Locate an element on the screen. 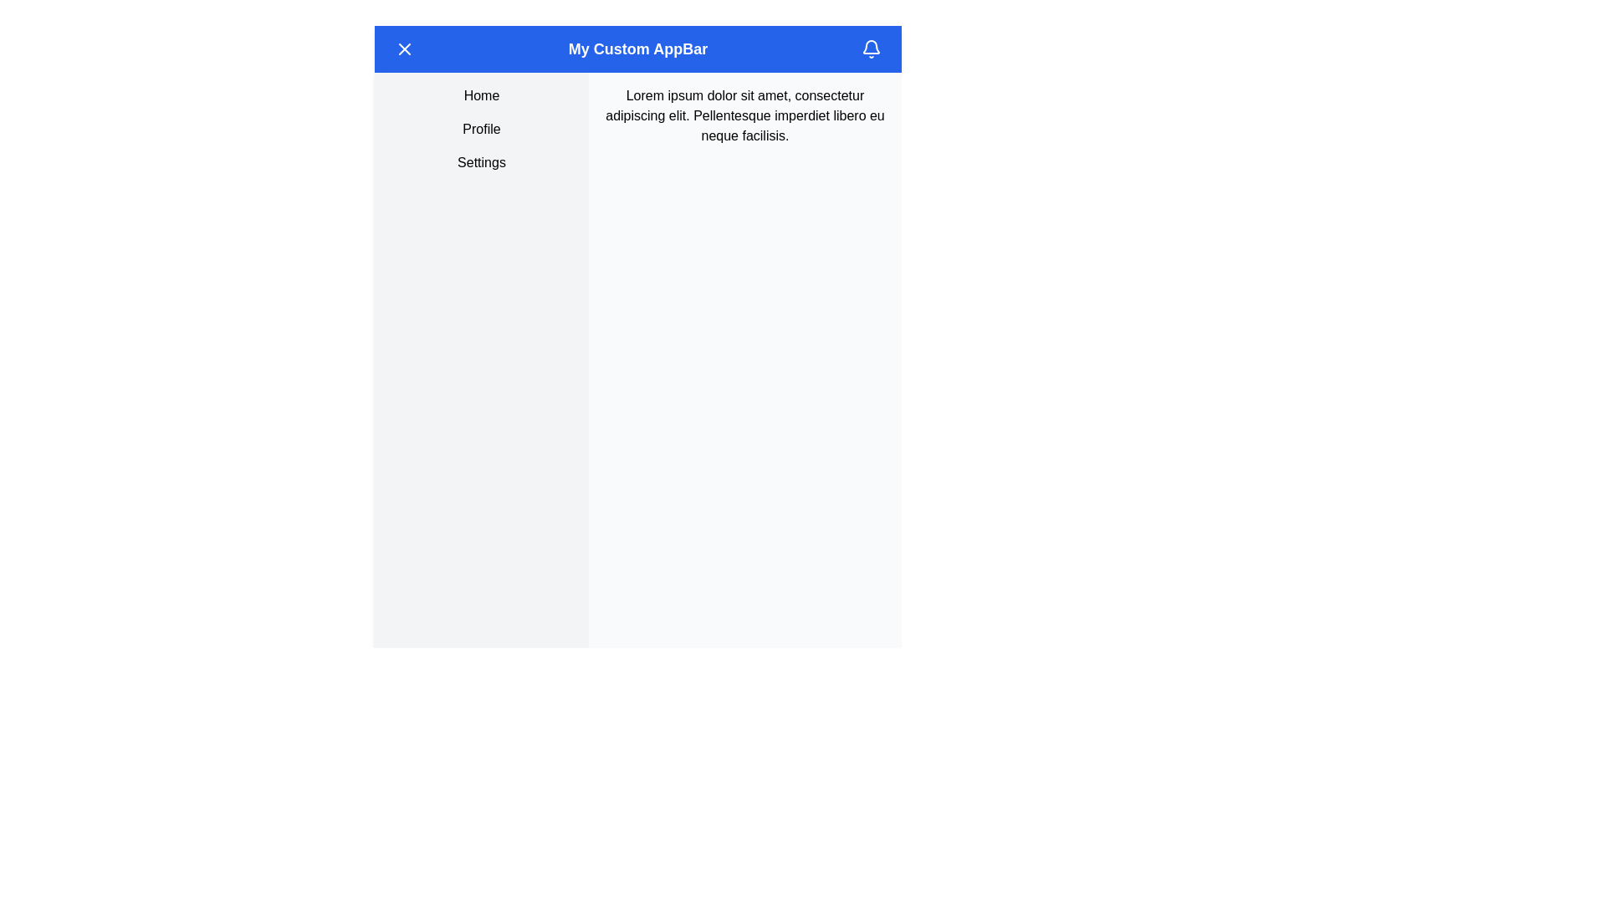 The image size is (1606, 903). the Static text block displaying 'Lorem ipsum dolor sit amet, consectetur adipiscing elit. Pellentesque imperdiet libero eu neque facilisis.' located near the top-right corner of the page is located at coordinates (744, 115).